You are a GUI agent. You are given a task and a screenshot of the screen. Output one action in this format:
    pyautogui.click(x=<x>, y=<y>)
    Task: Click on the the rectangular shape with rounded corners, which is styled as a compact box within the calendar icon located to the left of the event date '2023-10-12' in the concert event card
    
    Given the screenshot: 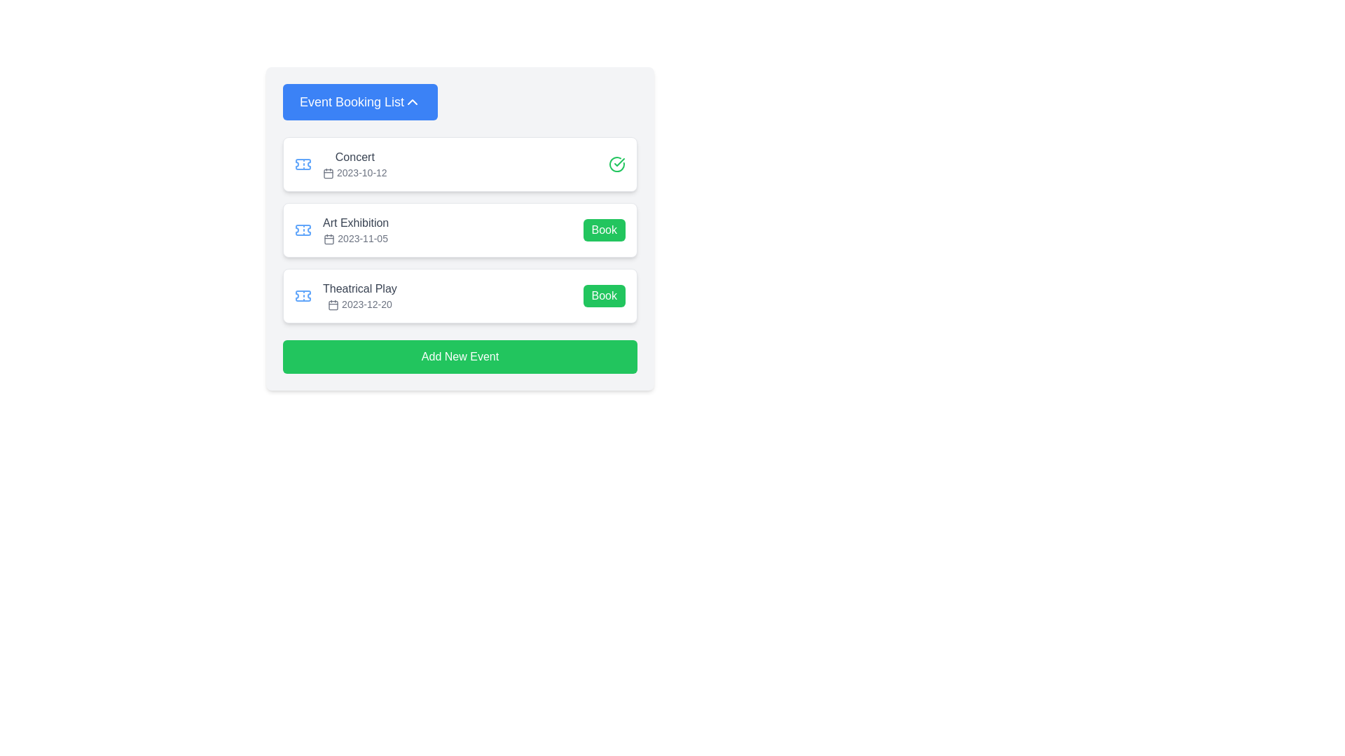 What is the action you would take?
    pyautogui.click(x=328, y=172)
    